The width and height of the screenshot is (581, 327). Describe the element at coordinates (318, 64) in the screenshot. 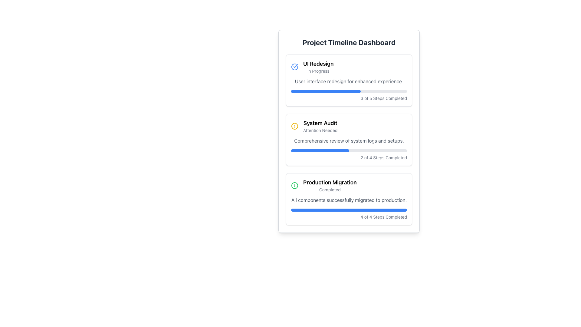

I see `the bold text element reading 'UI Redesign' located at the top-left inside the first task card in the 'Project Timeline Dashboard', positioned above the status text 'In Progress' and to the right of a checkmark icon` at that location.